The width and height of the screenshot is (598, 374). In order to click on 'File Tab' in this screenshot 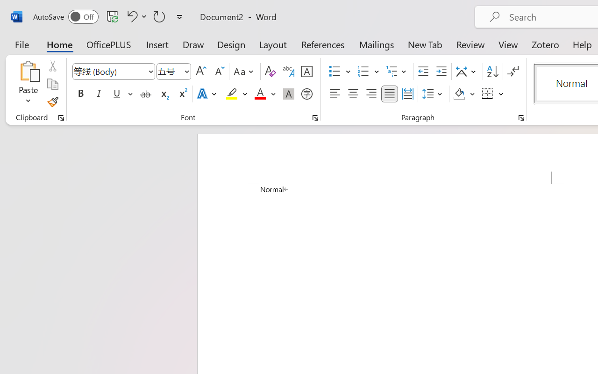, I will do `click(21, 44)`.